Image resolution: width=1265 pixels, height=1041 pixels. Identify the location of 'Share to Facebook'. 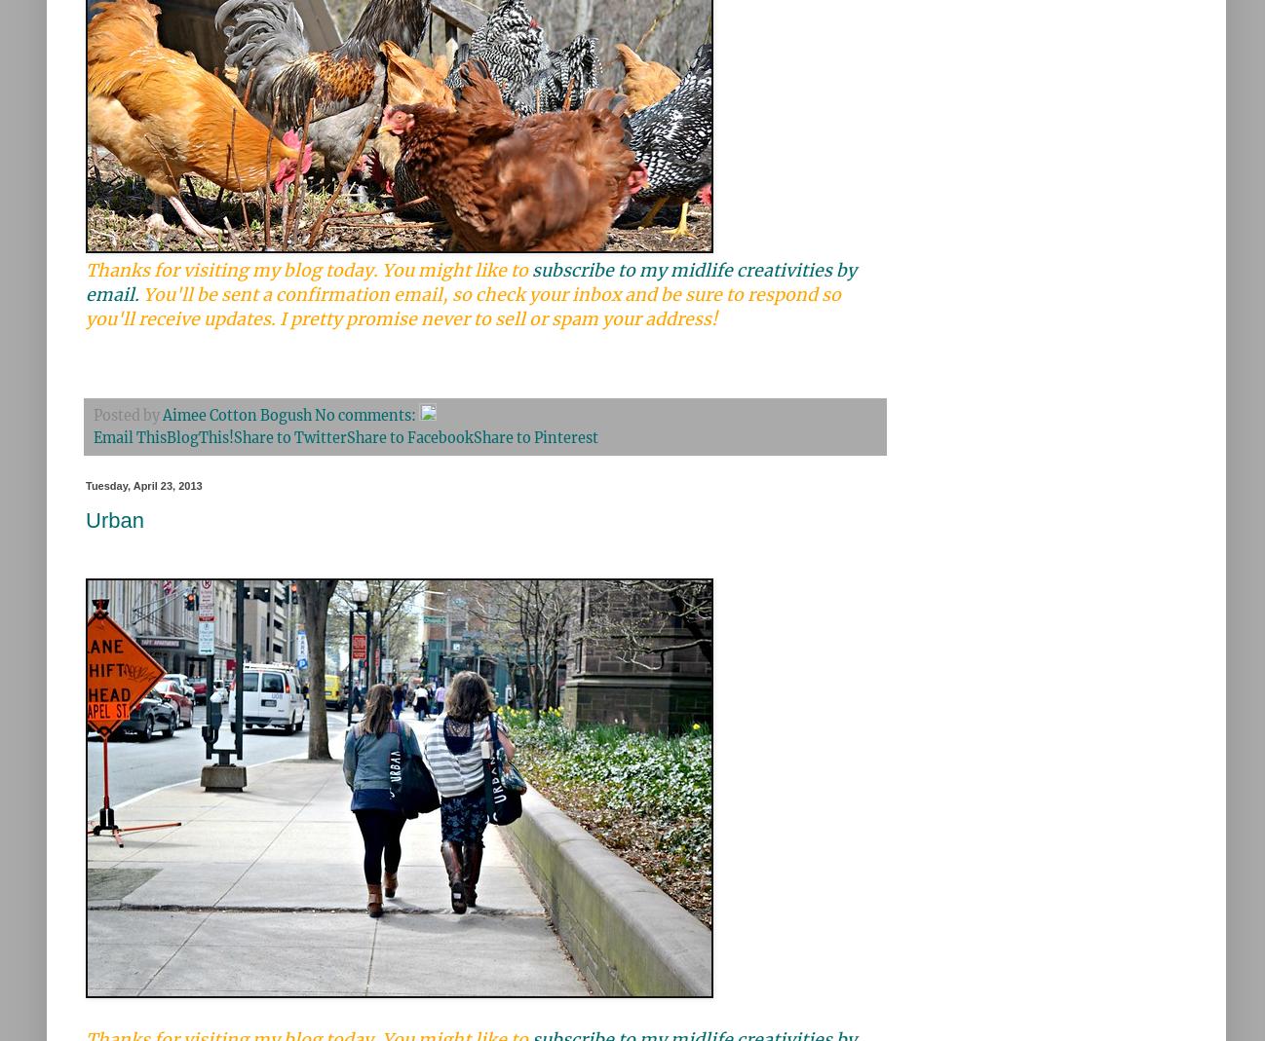
(347, 437).